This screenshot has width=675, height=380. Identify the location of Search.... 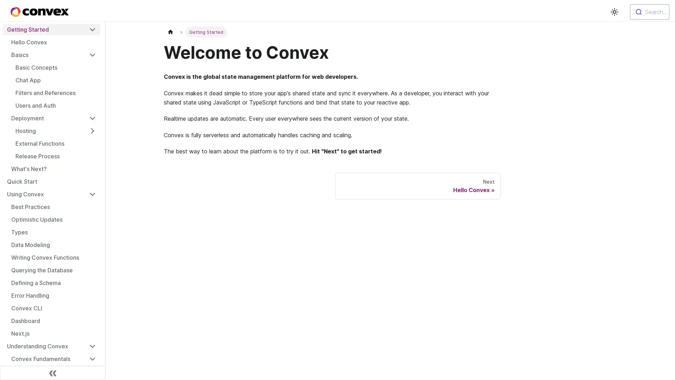
(649, 12).